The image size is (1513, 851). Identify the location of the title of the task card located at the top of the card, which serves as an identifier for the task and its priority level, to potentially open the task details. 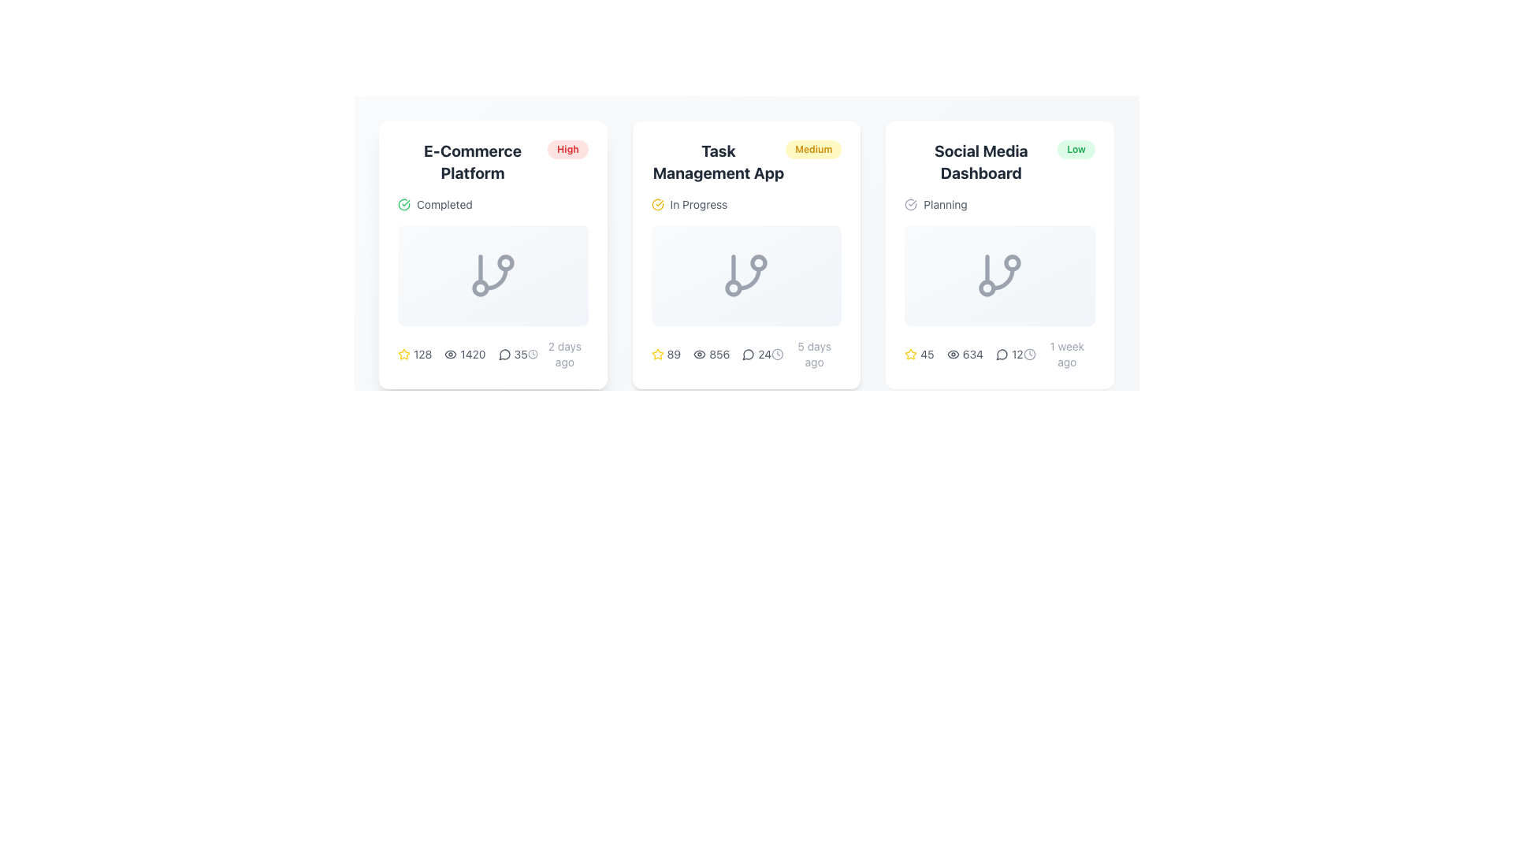
(745, 162).